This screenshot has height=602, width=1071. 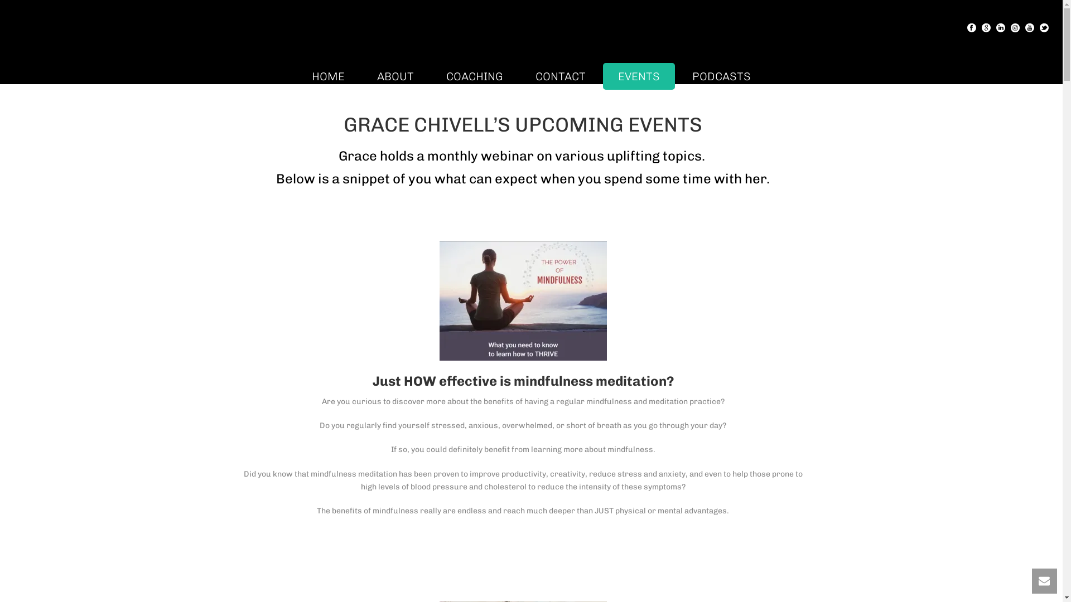 What do you see at coordinates (721, 76) in the screenshot?
I see `'PODCASTS'` at bounding box center [721, 76].